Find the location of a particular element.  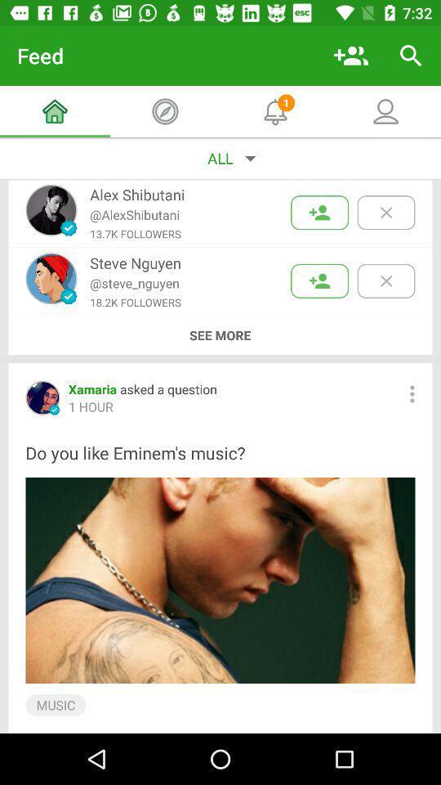

see more icon is located at coordinates (220, 334).